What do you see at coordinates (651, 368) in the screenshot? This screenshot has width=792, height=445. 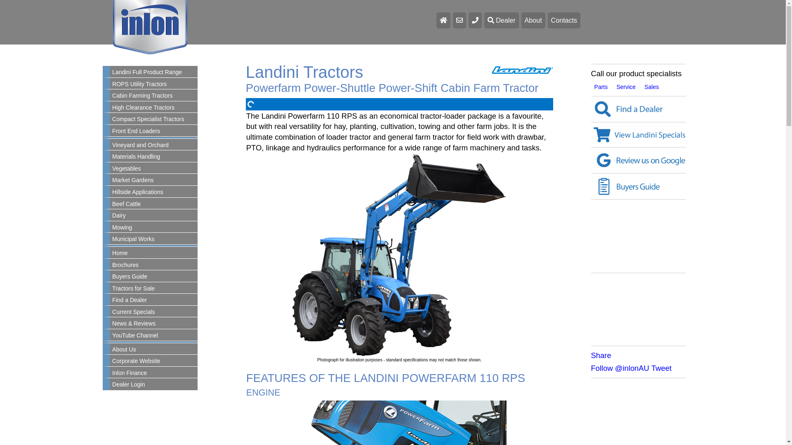 I see `'Tweet'` at bounding box center [651, 368].